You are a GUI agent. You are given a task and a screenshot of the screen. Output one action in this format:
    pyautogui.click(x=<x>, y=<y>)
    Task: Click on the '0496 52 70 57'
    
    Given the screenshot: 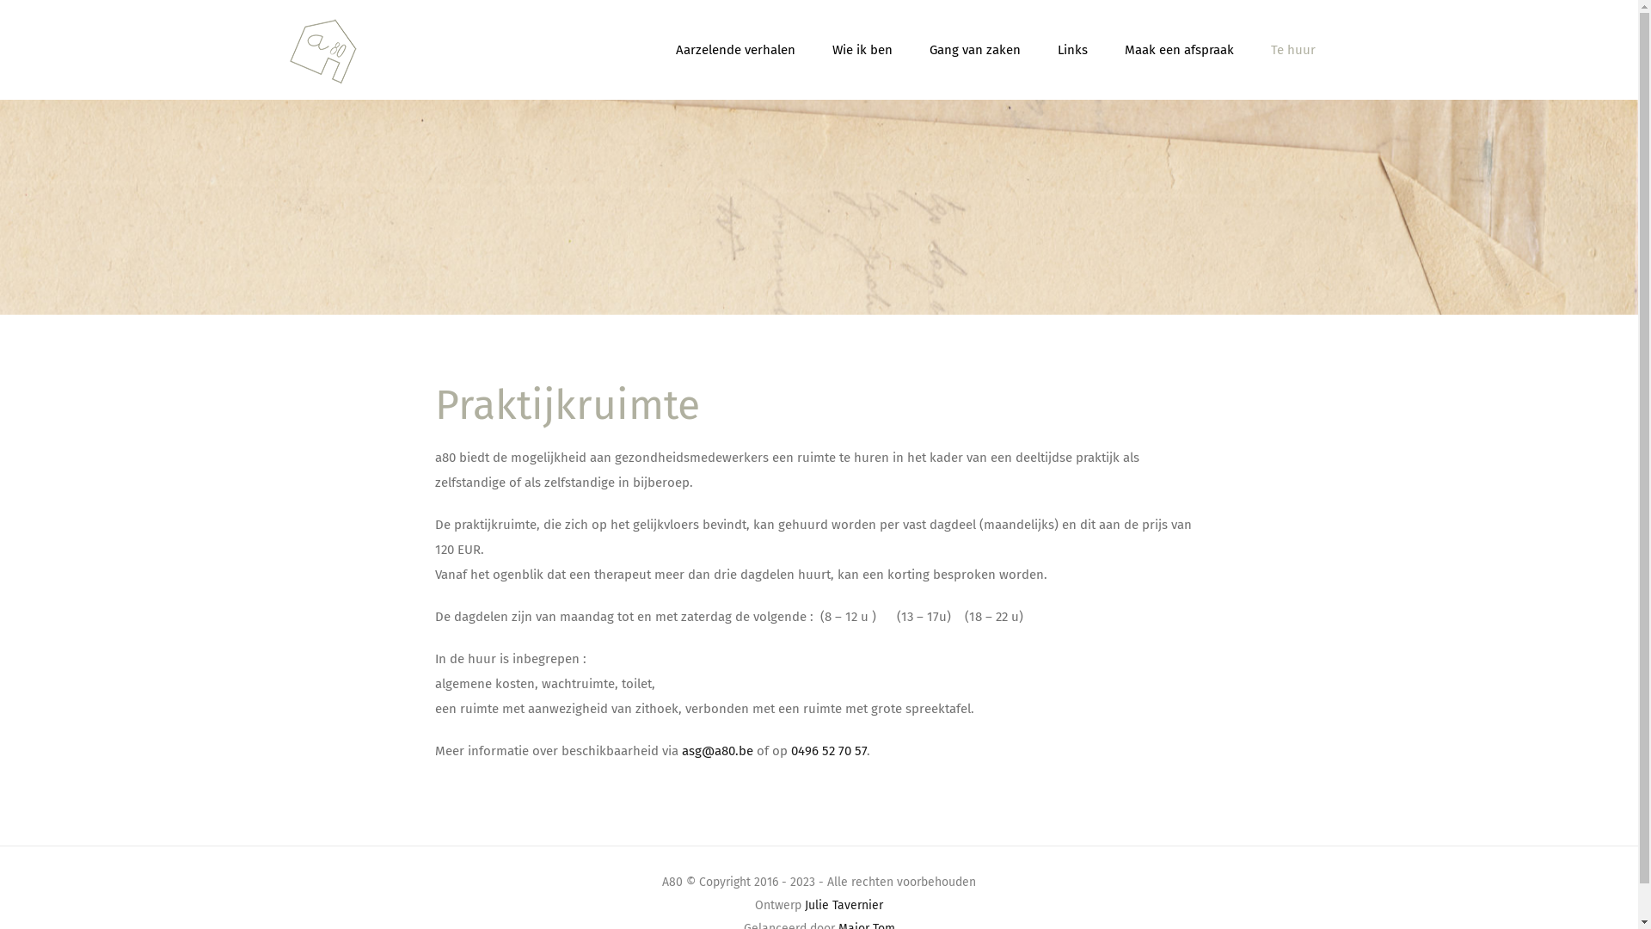 What is the action you would take?
    pyautogui.click(x=829, y=749)
    